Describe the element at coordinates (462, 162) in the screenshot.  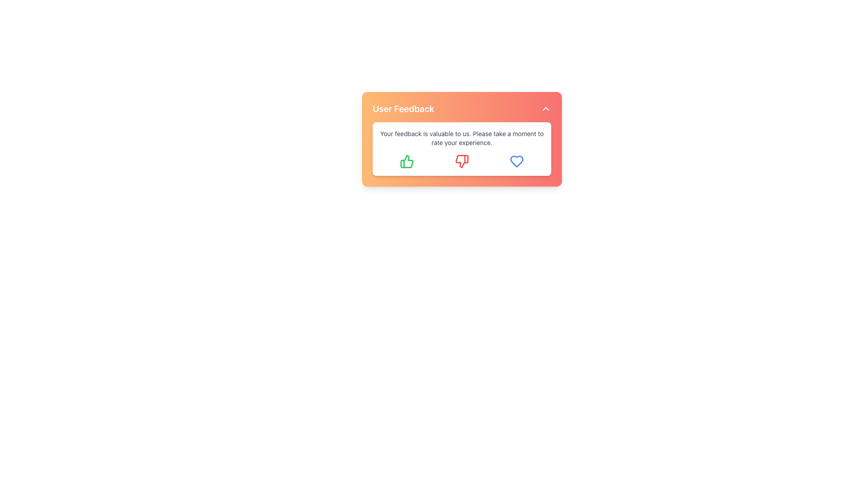
I see `the thumbs-down icon in the middle of the feedback card to give negative feedback` at that location.